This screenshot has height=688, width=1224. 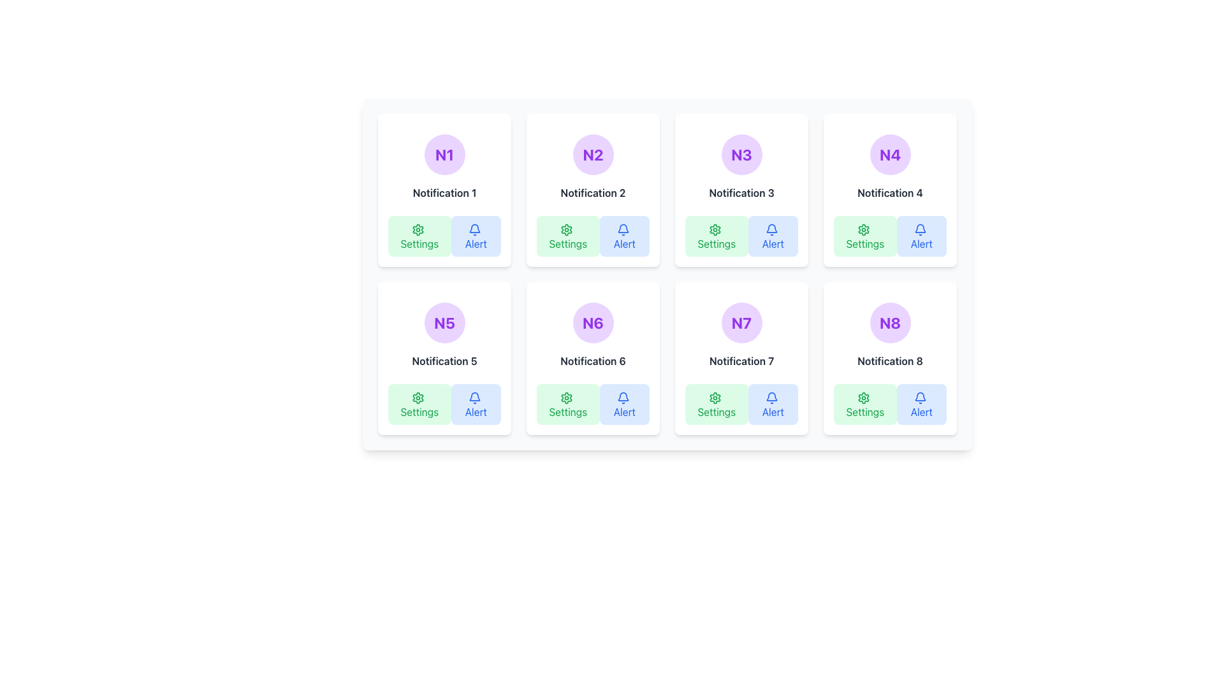 What do you see at coordinates (741, 361) in the screenshot?
I see `the static text label displaying 'Notification 7', which is bold and dark gray on a white background, located below the circular badge labeled 'N7'` at bounding box center [741, 361].